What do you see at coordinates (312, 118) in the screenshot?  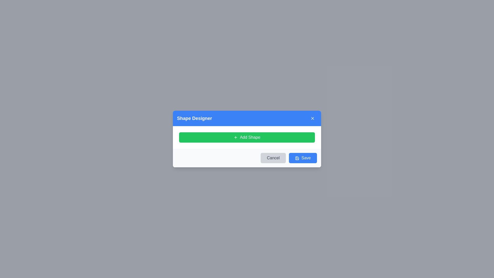 I see `the close button located at the top-right corner of the 'Shape Designer' dialog` at bounding box center [312, 118].